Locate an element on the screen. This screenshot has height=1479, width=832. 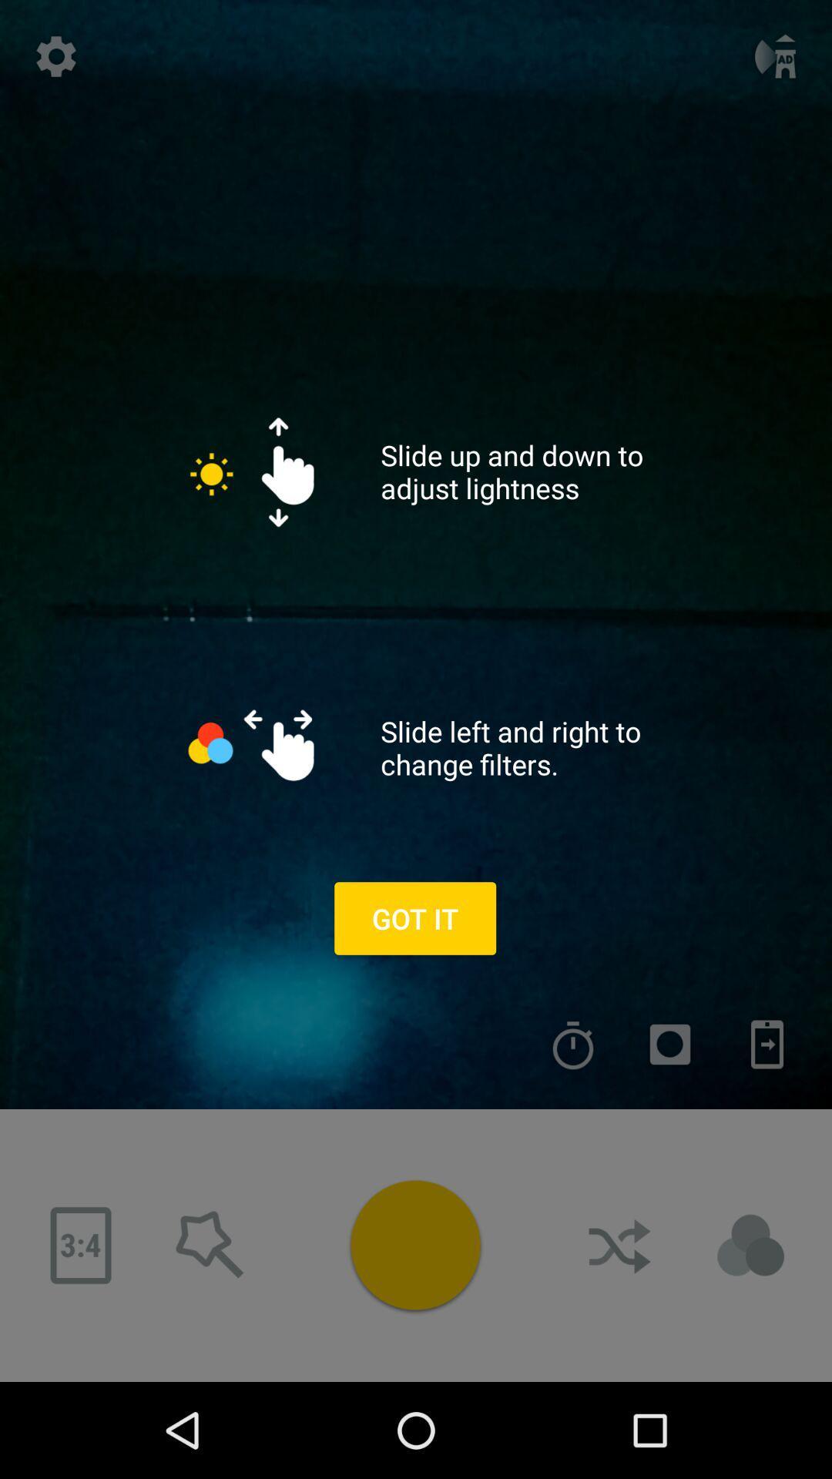
shuffle is located at coordinates (620, 1246).